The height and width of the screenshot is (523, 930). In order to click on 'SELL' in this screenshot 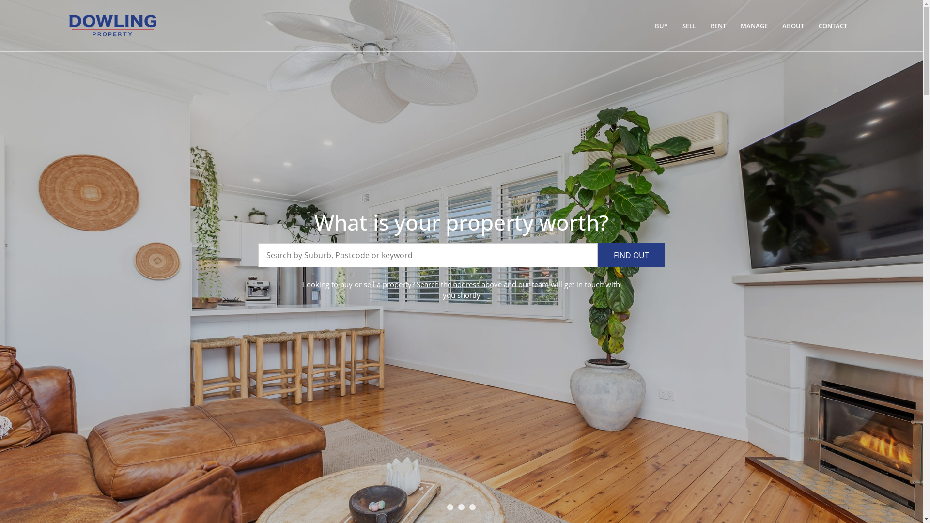, I will do `click(676, 25)`.